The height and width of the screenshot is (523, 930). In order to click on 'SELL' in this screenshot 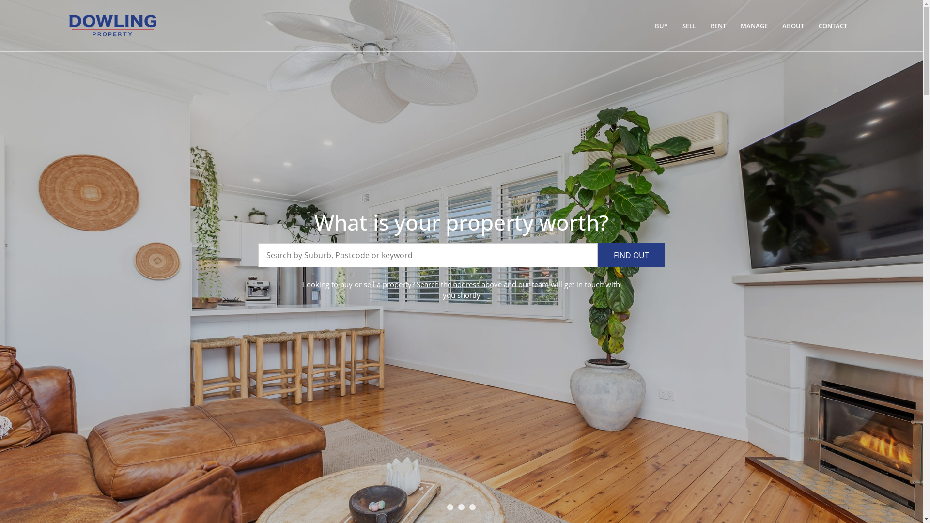, I will do `click(676, 25)`.